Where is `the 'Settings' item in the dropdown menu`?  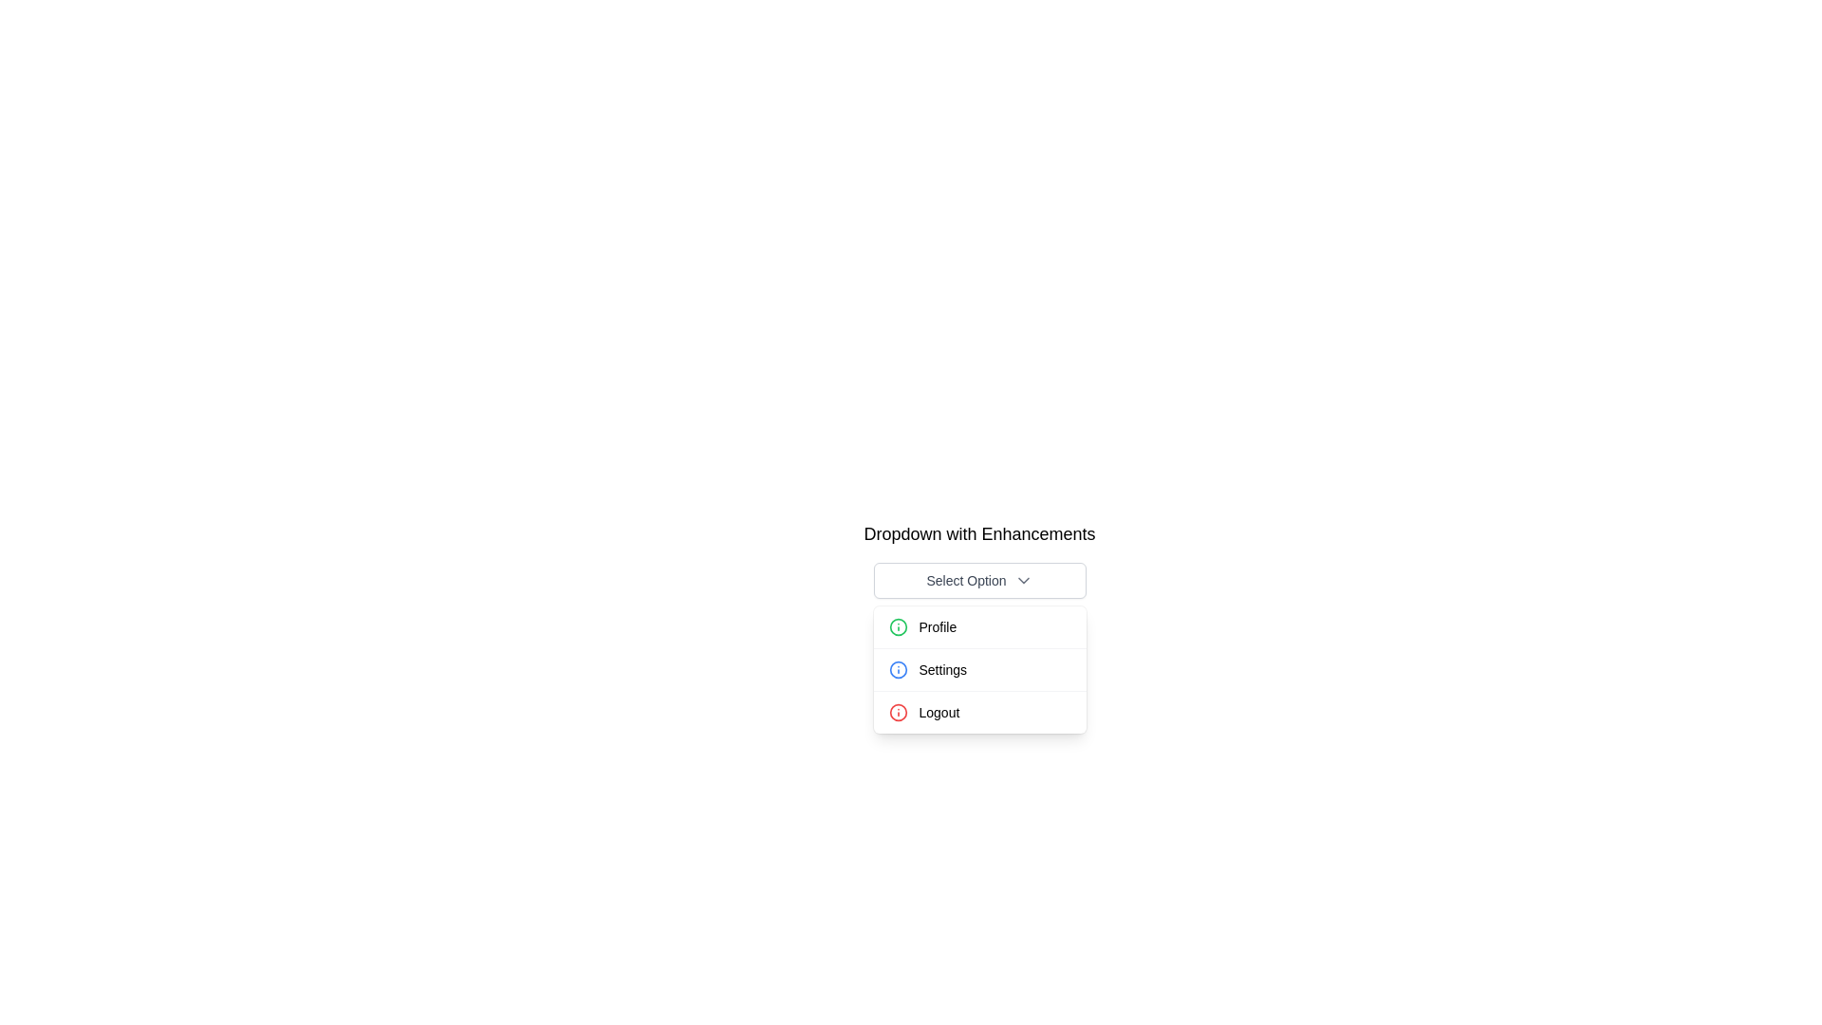 the 'Settings' item in the dropdown menu is located at coordinates (979, 668).